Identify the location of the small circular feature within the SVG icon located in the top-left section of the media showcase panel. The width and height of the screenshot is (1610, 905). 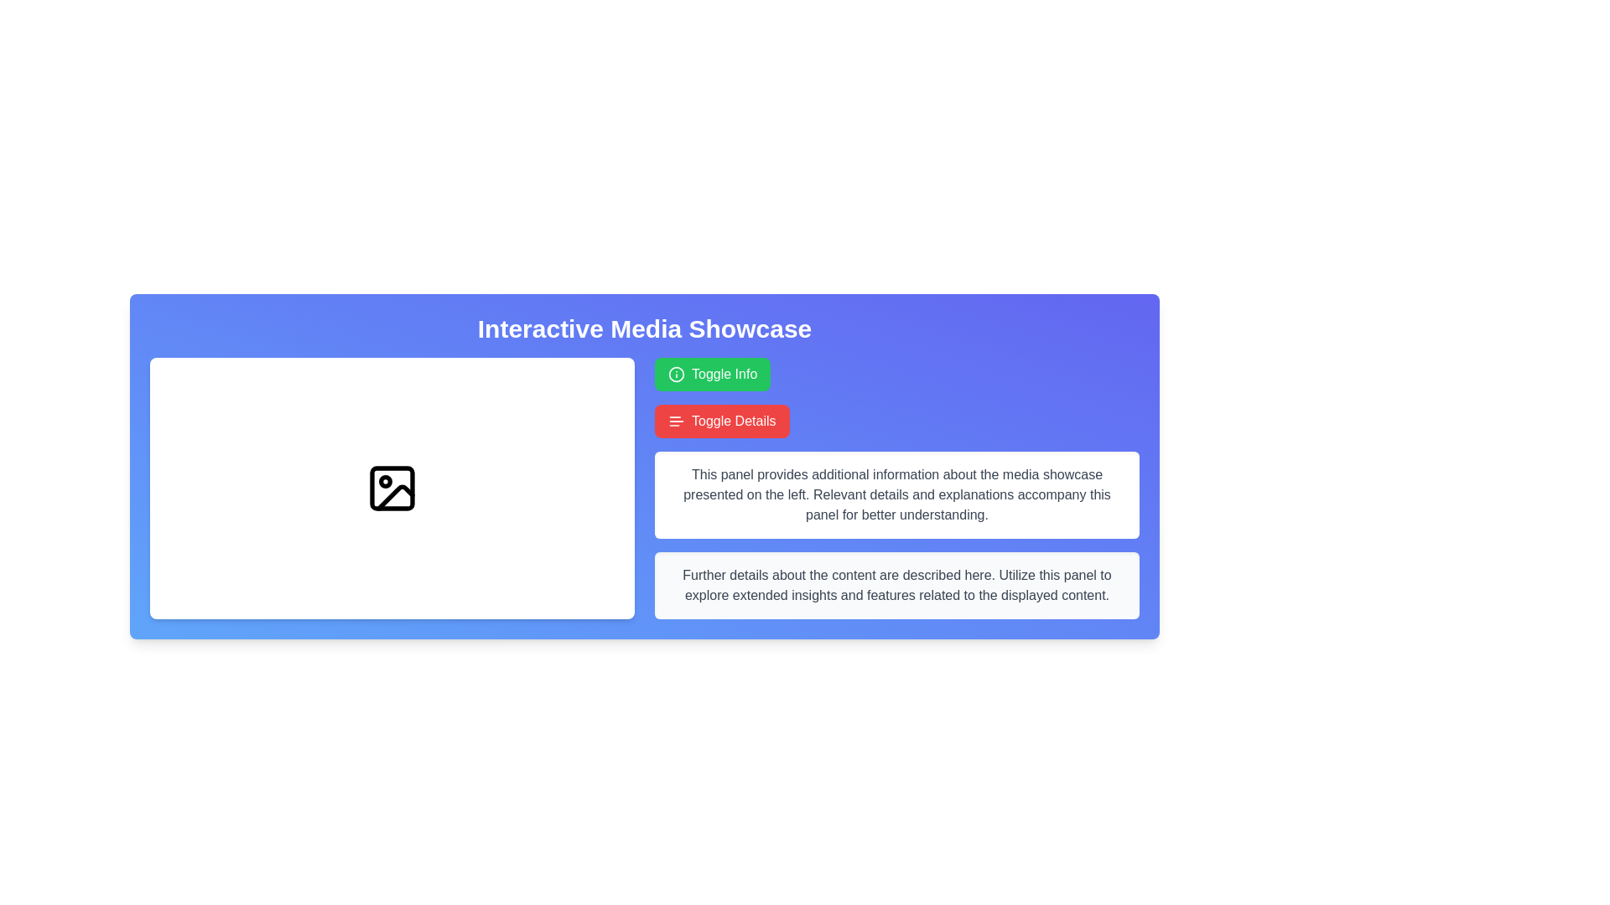
(385, 481).